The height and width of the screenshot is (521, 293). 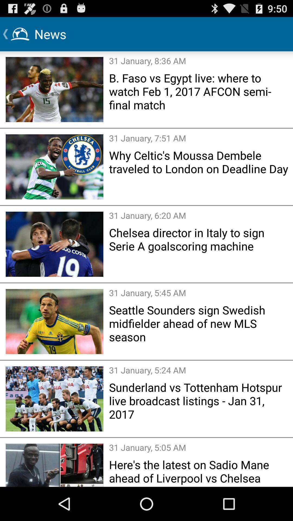 What do you see at coordinates (199, 161) in the screenshot?
I see `why celtic s item` at bounding box center [199, 161].